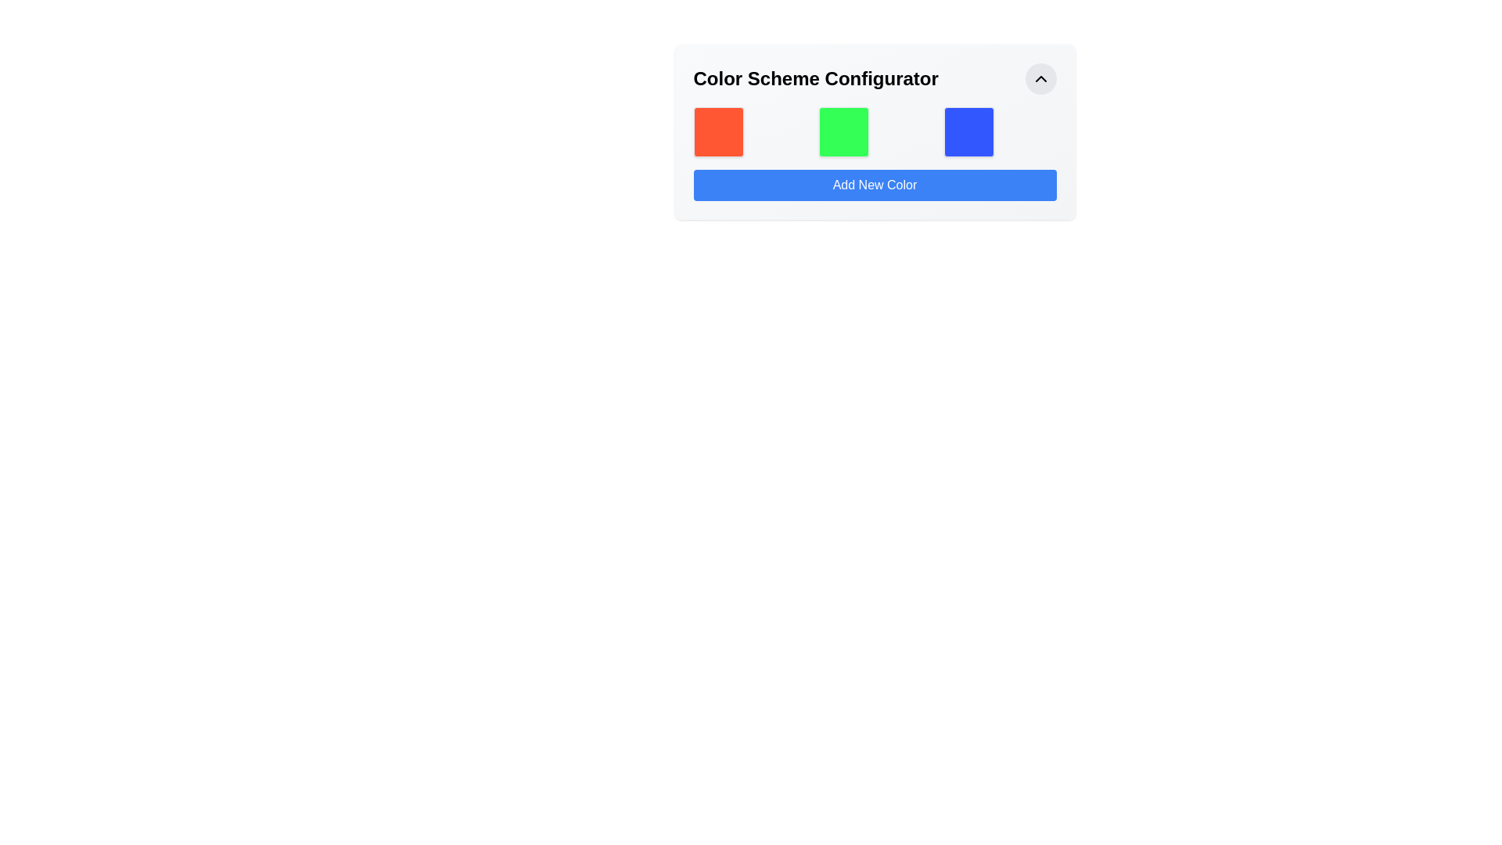  What do you see at coordinates (968, 131) in the screenshot?
I see `the third color selection tile in the 'Color Scheme Configurator' interface` at bounding box center [968, 131].